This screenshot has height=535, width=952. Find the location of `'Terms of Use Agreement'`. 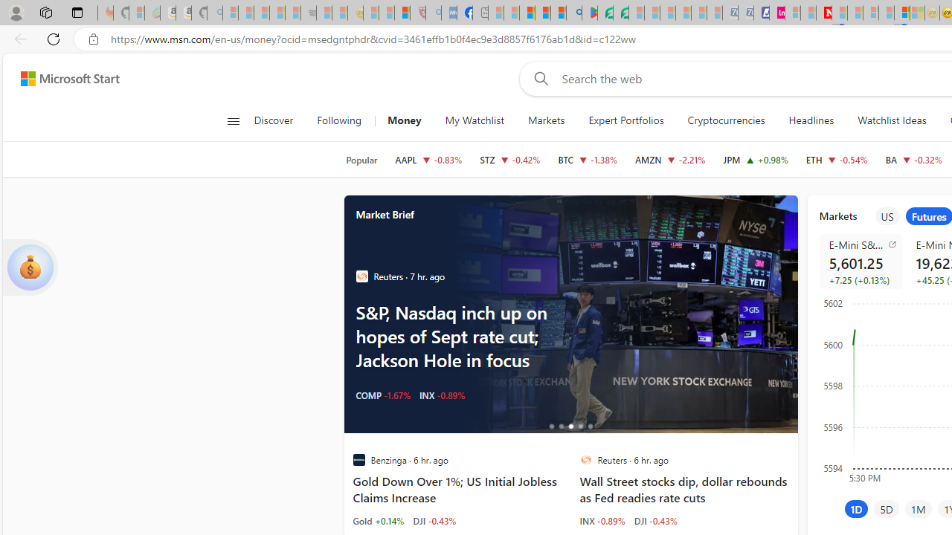

'Terms of Use Agreement' is located at coordinates (605, 13).